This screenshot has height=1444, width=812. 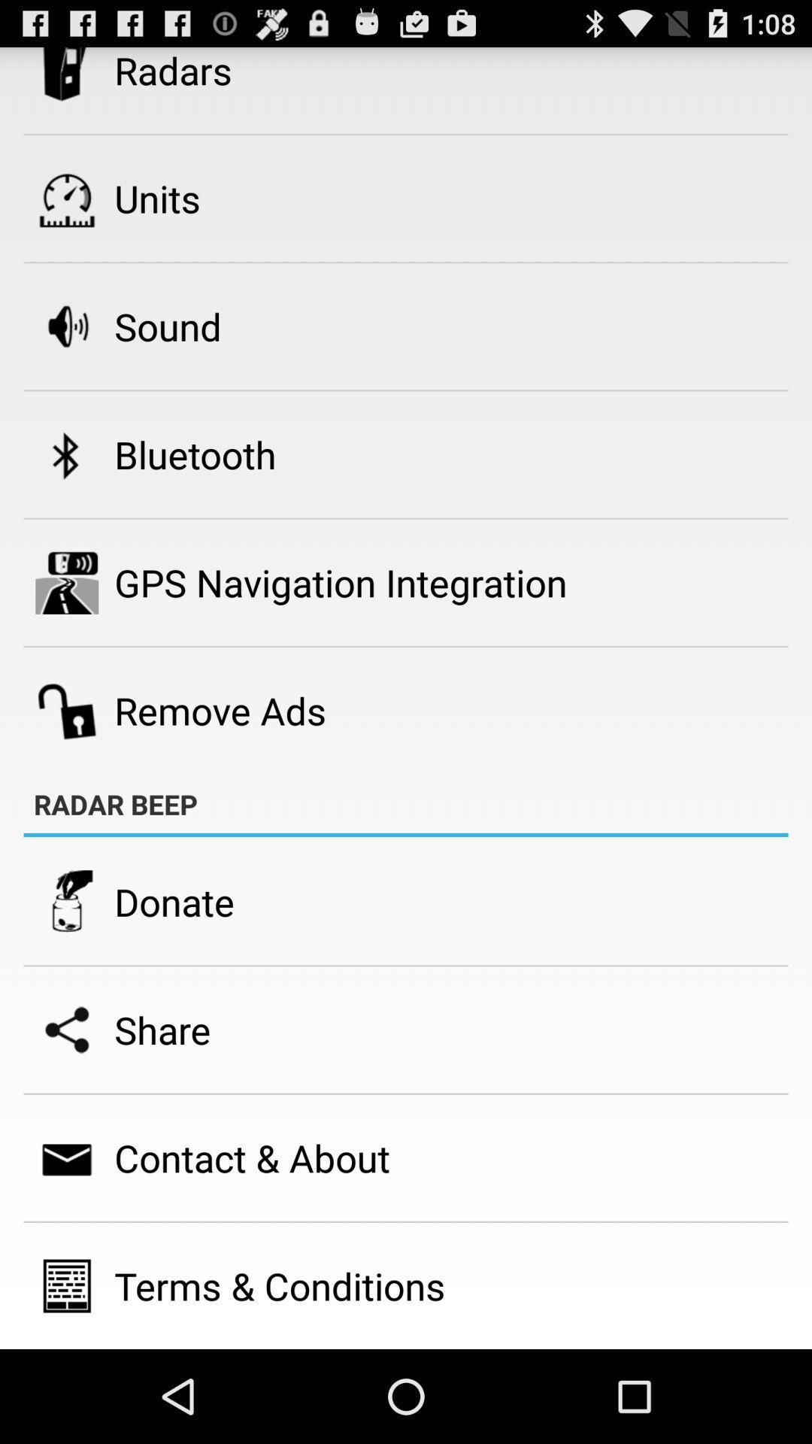 What do you see at coordinates (157, 198) in the screenshot?
I see `the icon below radars item` at bounding box center [157, 198].